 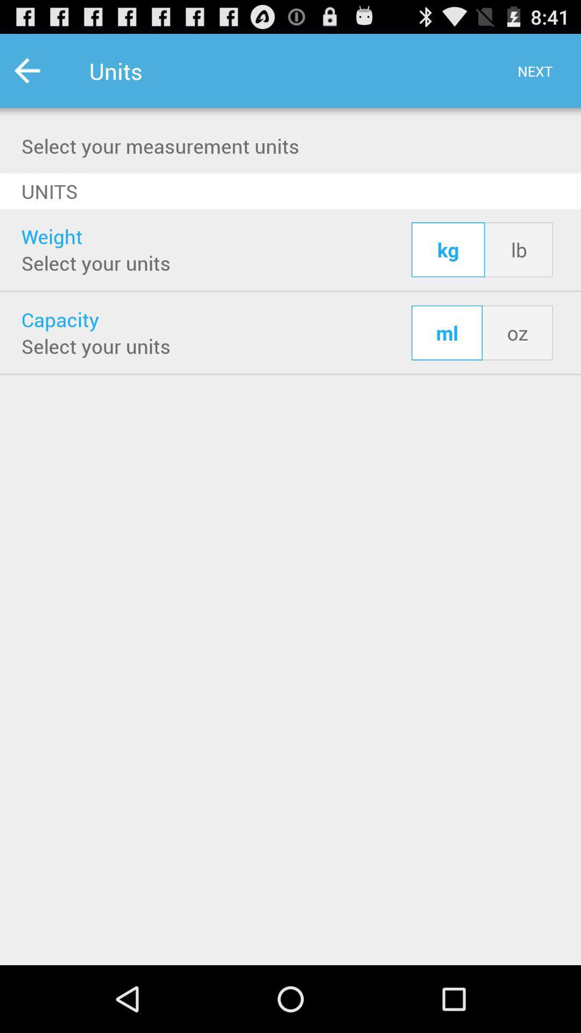 What do you see at coordinates (41, 75) in the screenshot?
I see `the star icon` at bounding box center [41, 75].